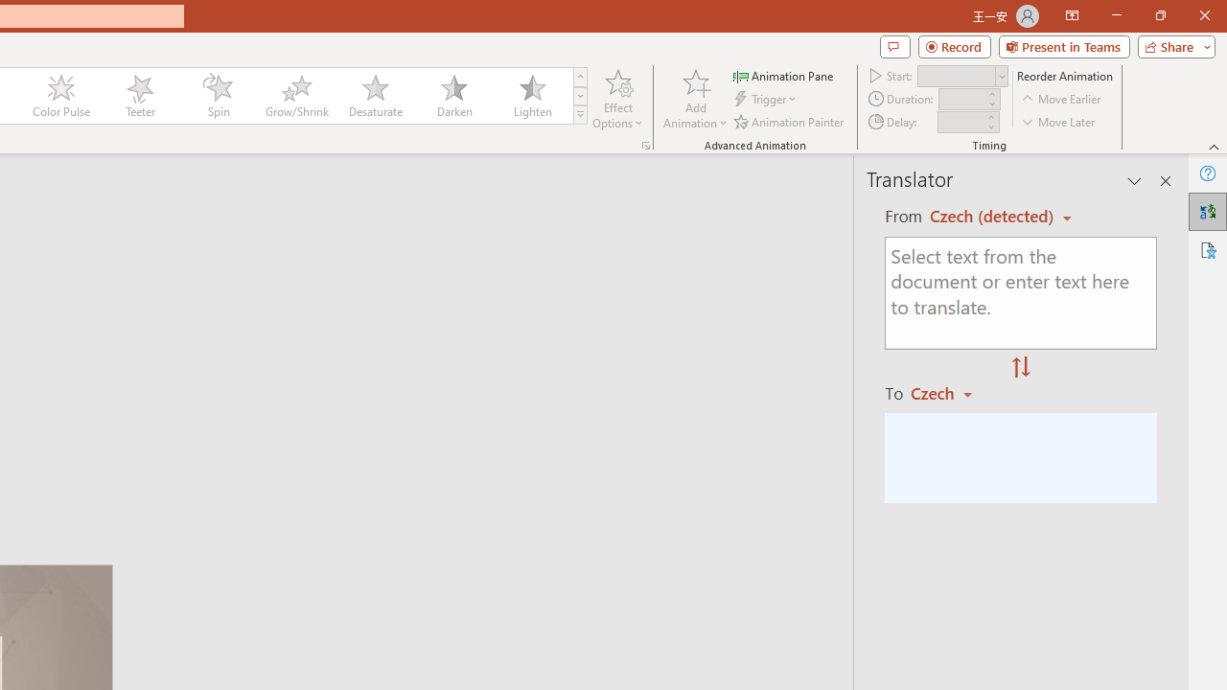 This screenshot has width=1227, height=690. Describe the element at coordinates (784, 75) in the screenshot. I see `'Animation Pane'` at that location.